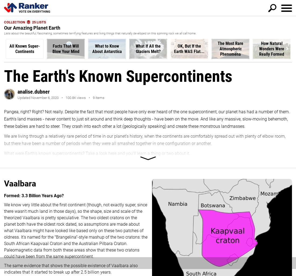 The image size is (296, 276). What do you see at coordinates (100, 97) in the screenshot?
I see `'items'` at bounding box center [100, 97].